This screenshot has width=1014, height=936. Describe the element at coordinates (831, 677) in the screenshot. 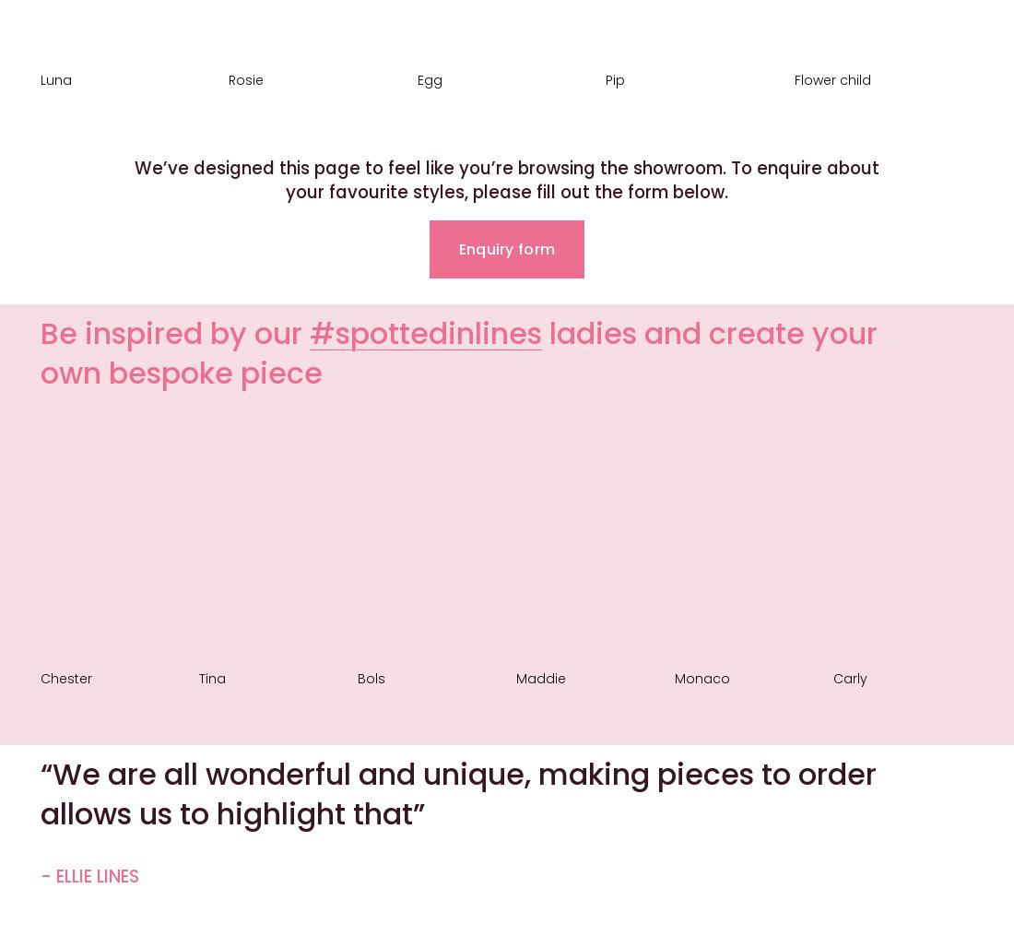

I see `'Carly'` at that location.